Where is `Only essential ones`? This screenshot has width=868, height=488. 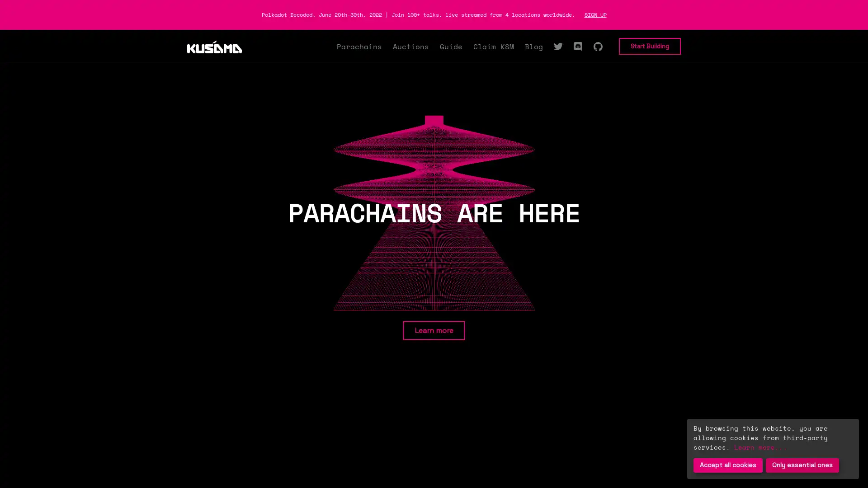 Only essential ones is located at coordinates (802, 465).